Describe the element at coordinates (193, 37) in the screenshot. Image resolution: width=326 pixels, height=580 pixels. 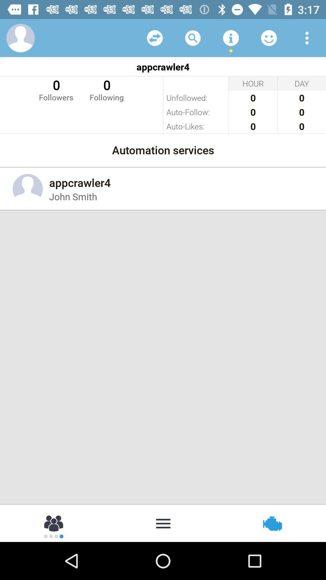
I see `the item above appcrawler4 icon` at that location.